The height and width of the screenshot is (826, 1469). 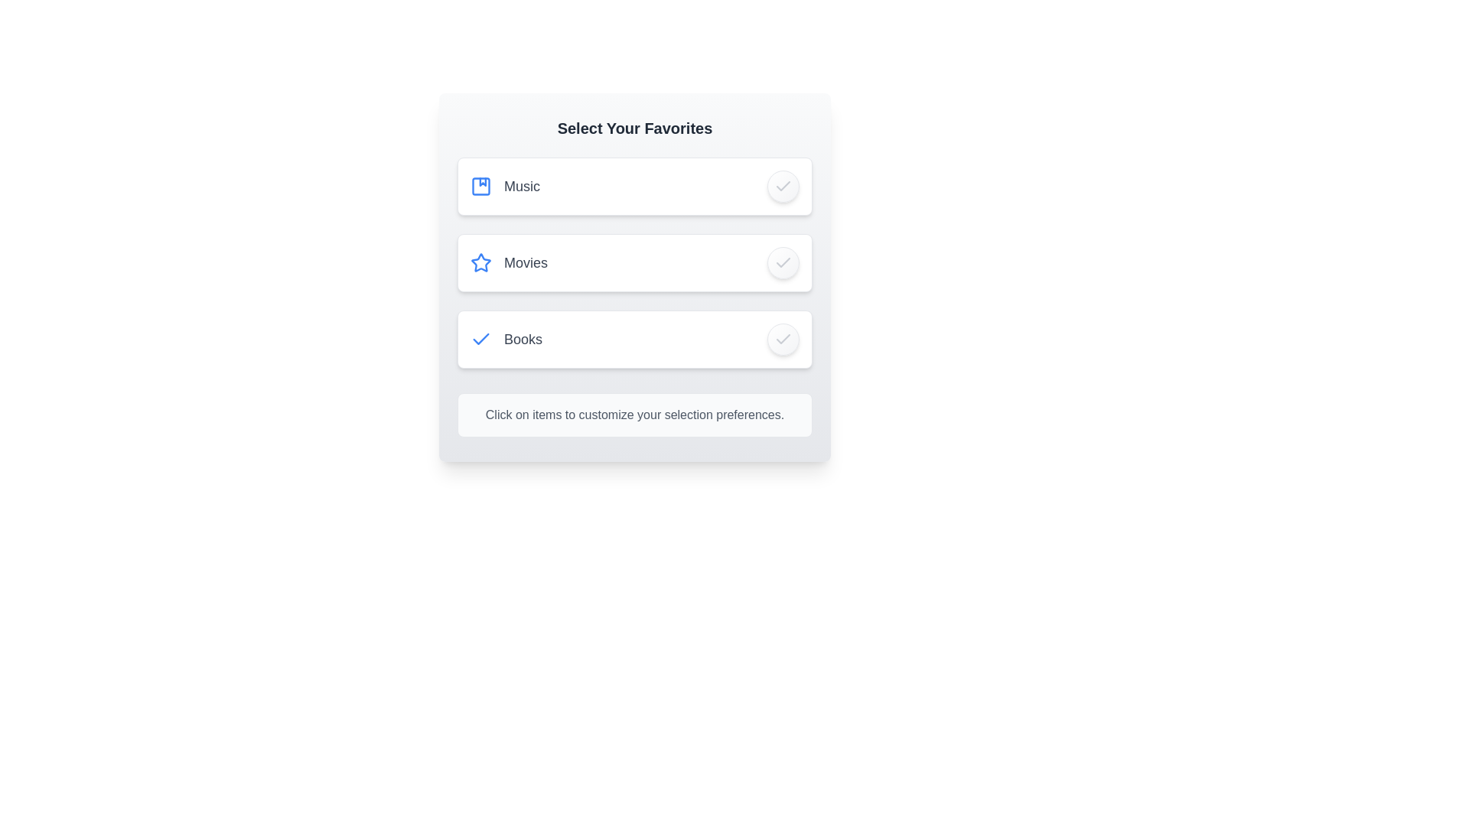 What do you see at coordinates (522, 185) in the screenshot?
I see `the static text label displaying 'Music', which is positioned to the right of an album icon and to the left of a checkmark icon` at bounding box center [522, 185].